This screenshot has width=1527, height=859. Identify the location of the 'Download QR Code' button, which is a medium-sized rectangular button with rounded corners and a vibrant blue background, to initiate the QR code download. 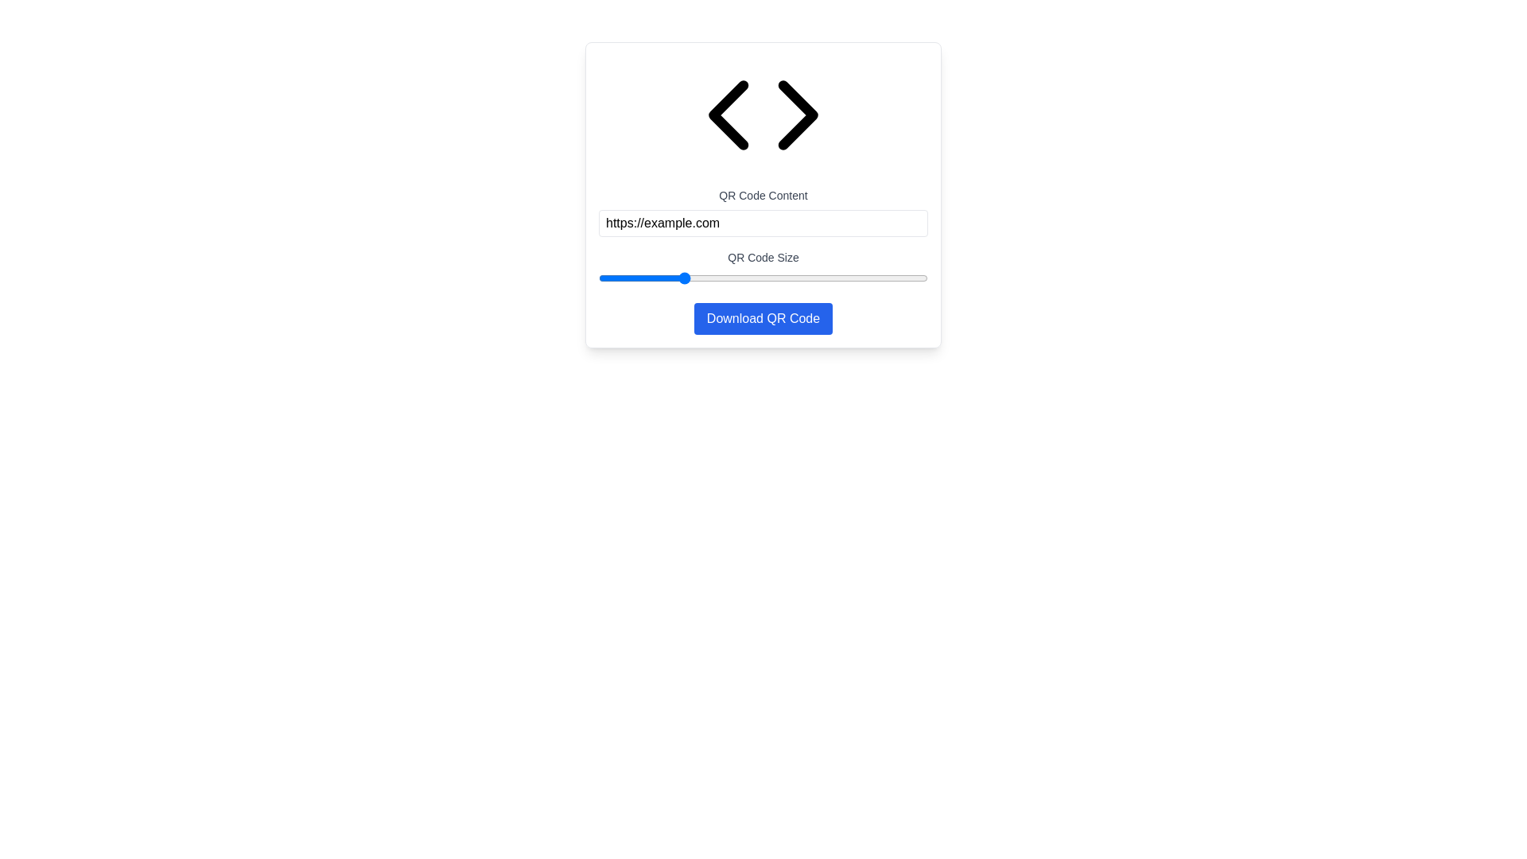
(763, 319).